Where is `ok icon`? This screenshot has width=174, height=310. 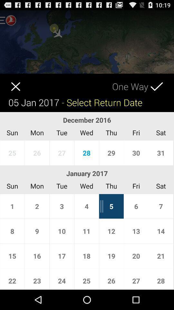
ok icon is located at coordinates (162, 82).